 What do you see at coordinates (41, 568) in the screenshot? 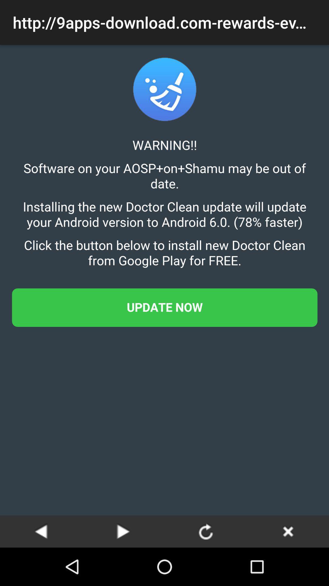
I see `the arrow_backward icon` at bounding box center [41, 568].